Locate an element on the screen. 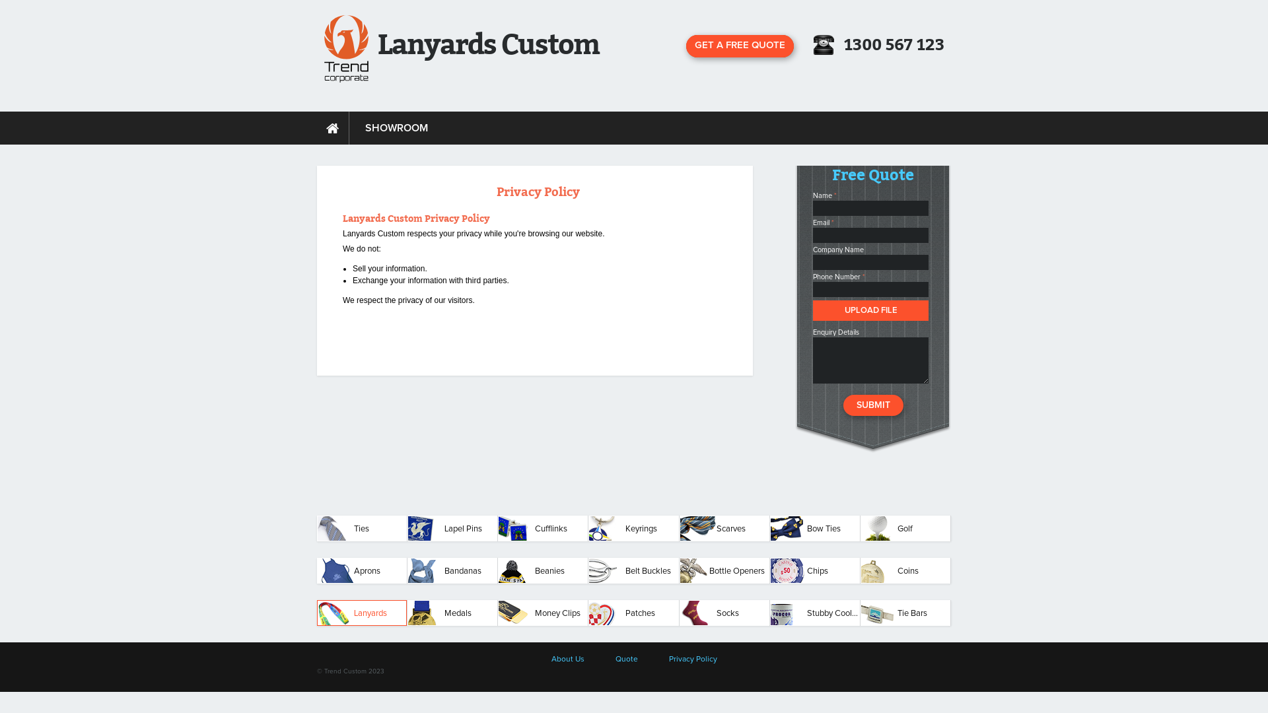 The width and height of the screenshot is (1268, 713). 'Ties' is located at coordinates (361, 527).